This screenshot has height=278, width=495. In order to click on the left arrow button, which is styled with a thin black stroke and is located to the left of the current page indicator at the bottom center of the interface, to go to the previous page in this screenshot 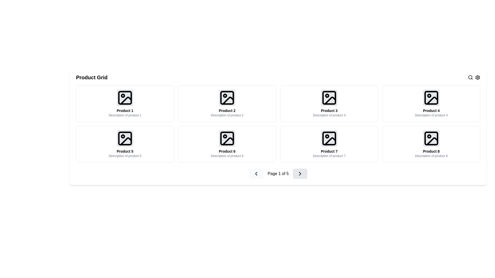, I will do `click(256, 174)`.